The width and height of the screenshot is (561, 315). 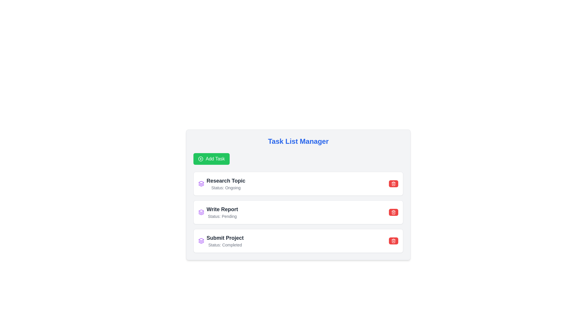 What do you see at coordinates (201, 184) in the screenshot?
I see `the middle layer of the SVG graphic representing the 'layers' icon next to the 'Write Report' task item` at bounding box center [201, 184].